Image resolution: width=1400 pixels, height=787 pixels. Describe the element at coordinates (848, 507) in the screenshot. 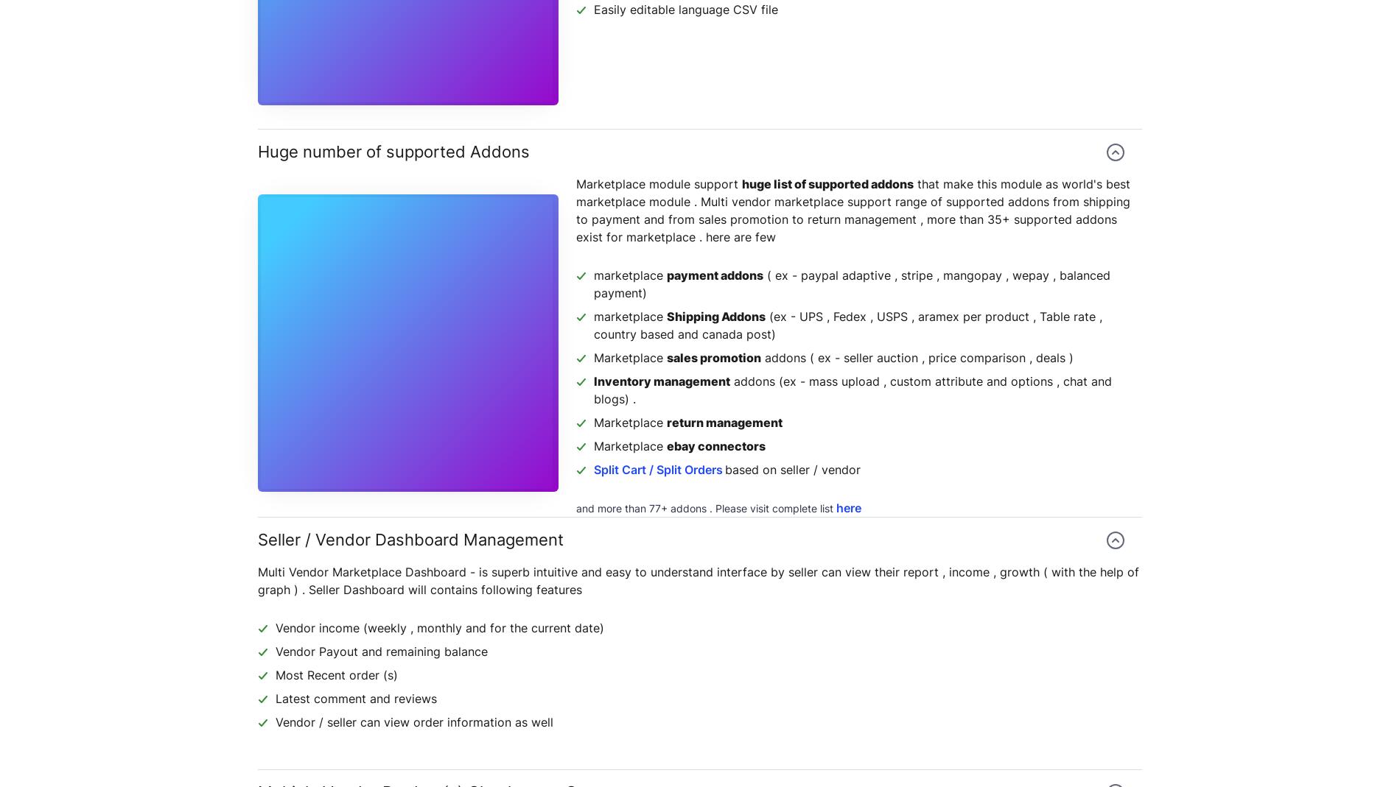

I see `'here'` at that location.